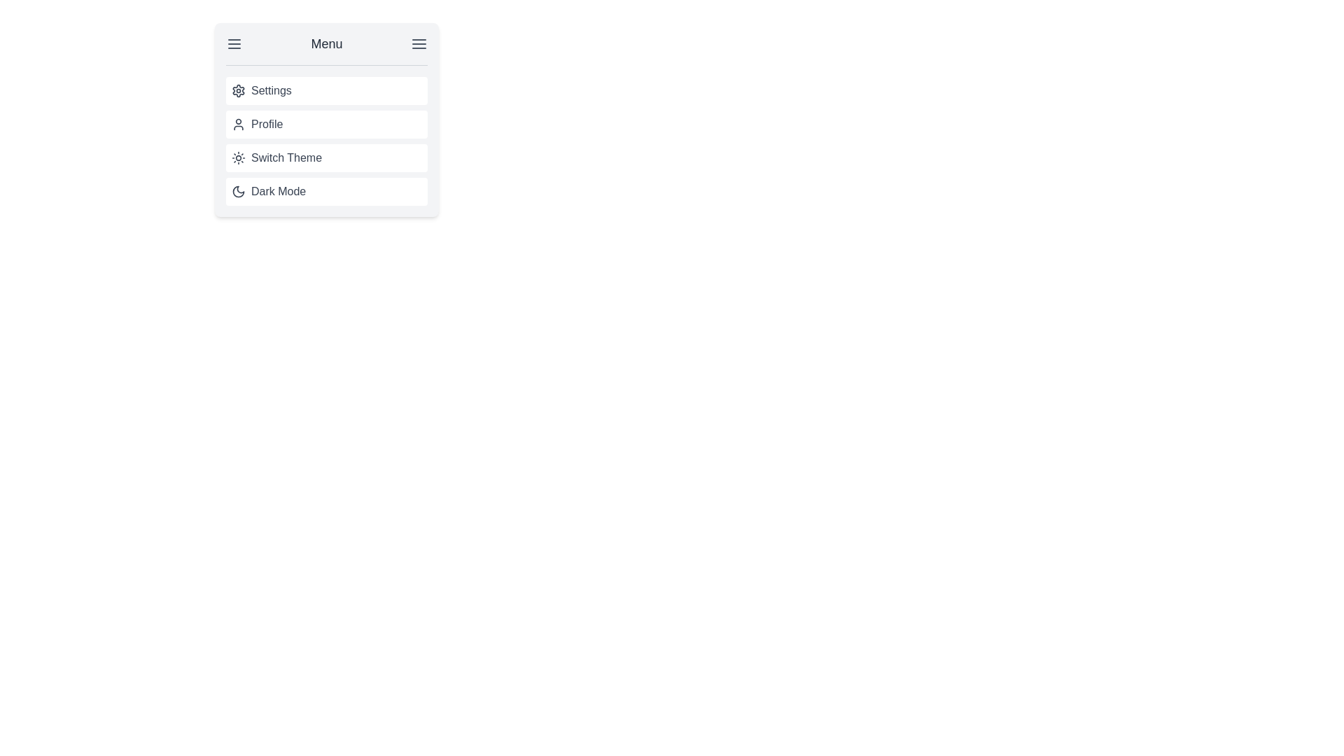  I want to click on the second menu item that provides access to profile-related functionalities, so click(325, 119).